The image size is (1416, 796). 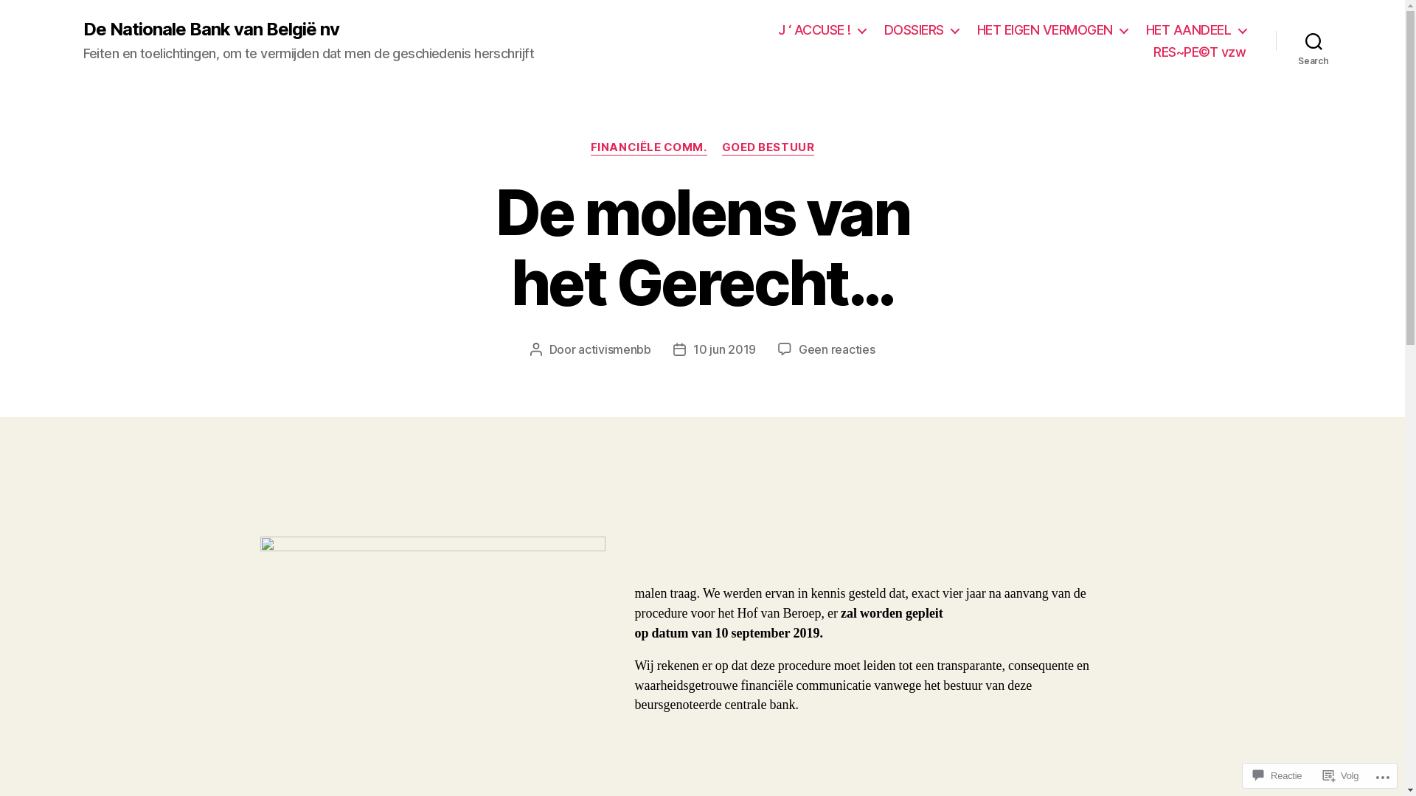 I want to click on 'HET AANDEEL', so click(x=1196, y=30).